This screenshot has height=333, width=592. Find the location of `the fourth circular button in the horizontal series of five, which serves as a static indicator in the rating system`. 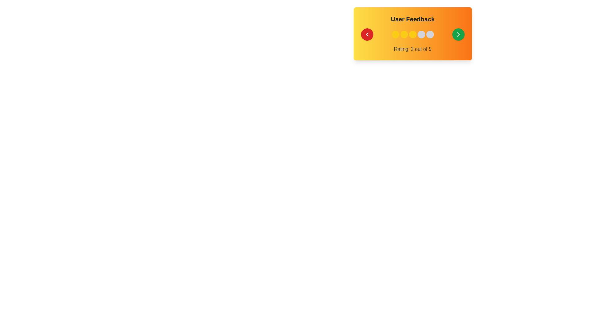

the fourth circular button in the horizontal series of five, which serves as a static indicator in the rating system is located at coordinates (421, 34).